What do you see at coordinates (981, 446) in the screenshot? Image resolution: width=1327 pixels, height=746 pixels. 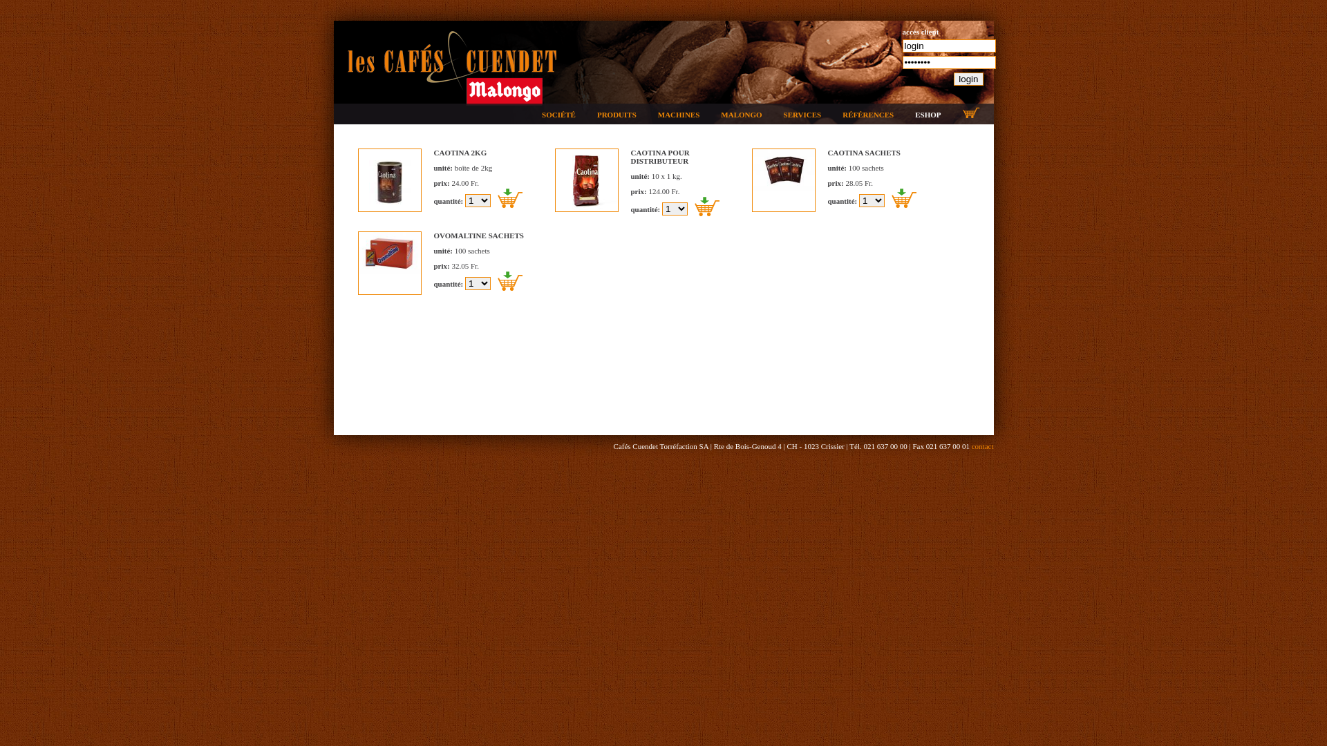 I see `'contact'` at bounding box center [981, 446].